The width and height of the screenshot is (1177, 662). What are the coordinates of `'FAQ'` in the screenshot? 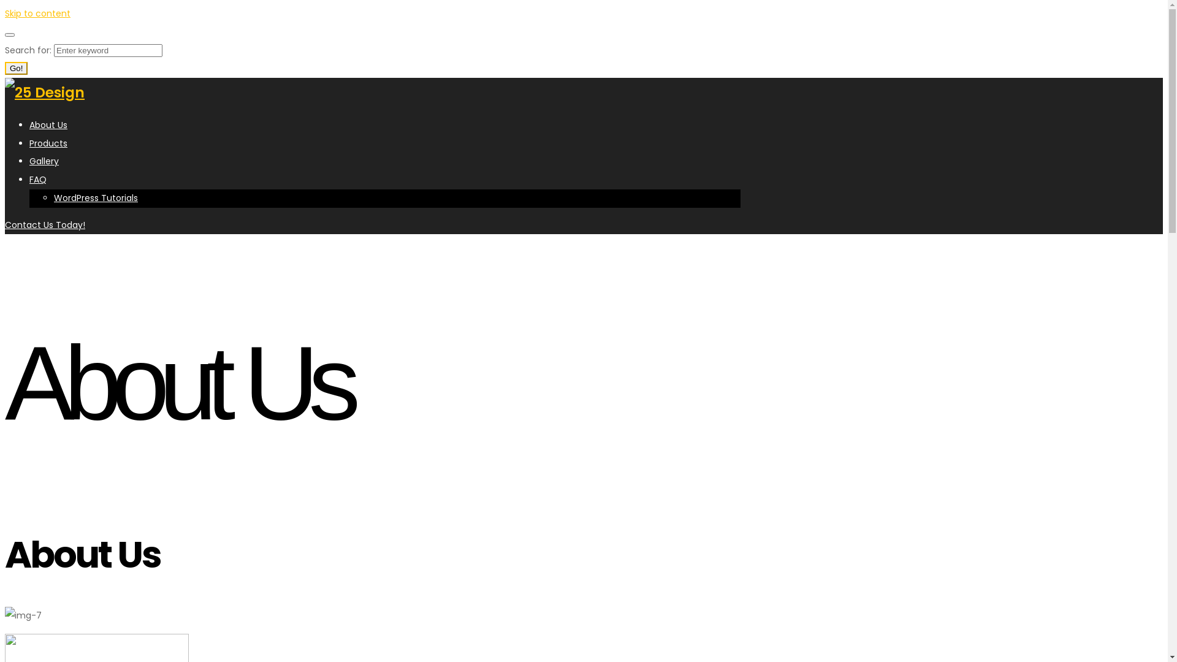 It's located at (38, 180).